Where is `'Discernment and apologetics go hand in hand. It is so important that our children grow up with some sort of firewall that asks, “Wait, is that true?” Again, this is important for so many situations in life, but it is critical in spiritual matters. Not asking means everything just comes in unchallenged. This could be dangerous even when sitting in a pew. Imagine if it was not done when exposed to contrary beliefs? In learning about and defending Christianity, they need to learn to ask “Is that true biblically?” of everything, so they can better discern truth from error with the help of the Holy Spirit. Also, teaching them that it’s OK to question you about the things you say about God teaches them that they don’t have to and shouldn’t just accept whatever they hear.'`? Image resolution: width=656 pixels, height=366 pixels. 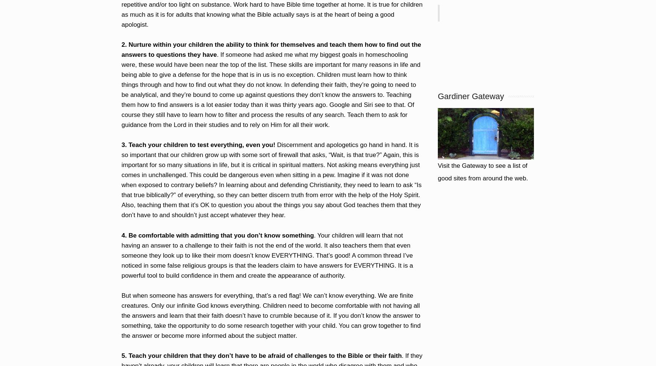 'Discernment and apologetics go hand in hand. It is so important that our children grow up with some sort of firewall that asks, “Wait, is that true?” Again, this is important for so many situations in life, but it is critical in spiritual matters. Not asking means everything just comes in unchallenged. This could be dangerous even when sitting in a pew. Imagine if it was not done when exposed to contrary beliefs? In learning about and defending Christianity, they need to learn to ask “Is that true biblically?” of everything, so they can better discern truth from error with the help of the Holy Spirit. Also, teaching them that it’s OK to question you about the things you say about God teaches them that they don’t have to and shouldn’t just accept whatever they hear.' is located at coordinates (271, 180).